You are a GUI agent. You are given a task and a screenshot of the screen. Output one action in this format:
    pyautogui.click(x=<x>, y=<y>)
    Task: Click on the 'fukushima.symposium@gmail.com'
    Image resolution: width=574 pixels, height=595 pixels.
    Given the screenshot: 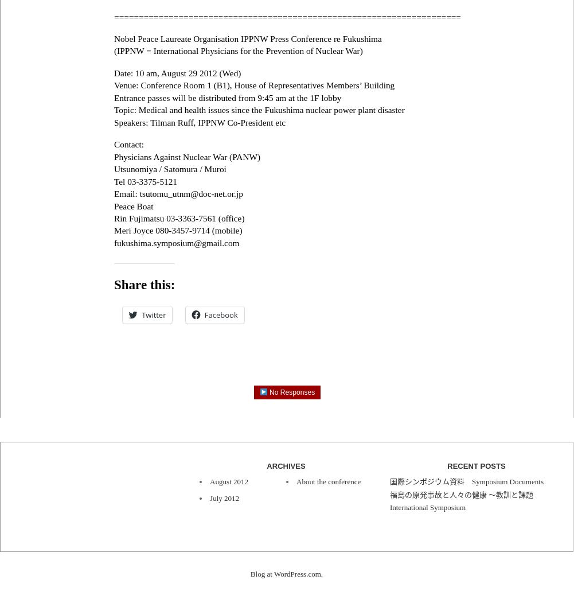 What is the action you would take?
    pyautogui.click(x=177, y=242)
    